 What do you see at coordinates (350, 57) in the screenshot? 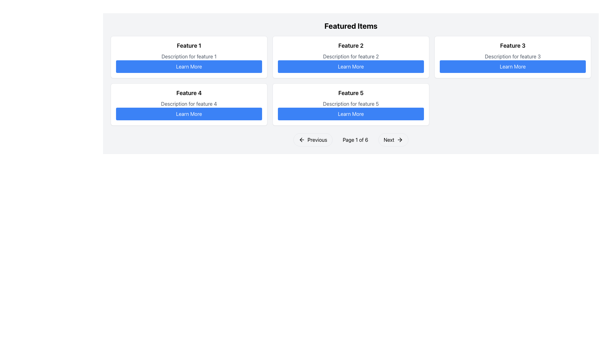
I see `title and description from the informational card about 'Feature 2', which includes a 'Learn More' button at the bottom` at bounding box center [350, 57].